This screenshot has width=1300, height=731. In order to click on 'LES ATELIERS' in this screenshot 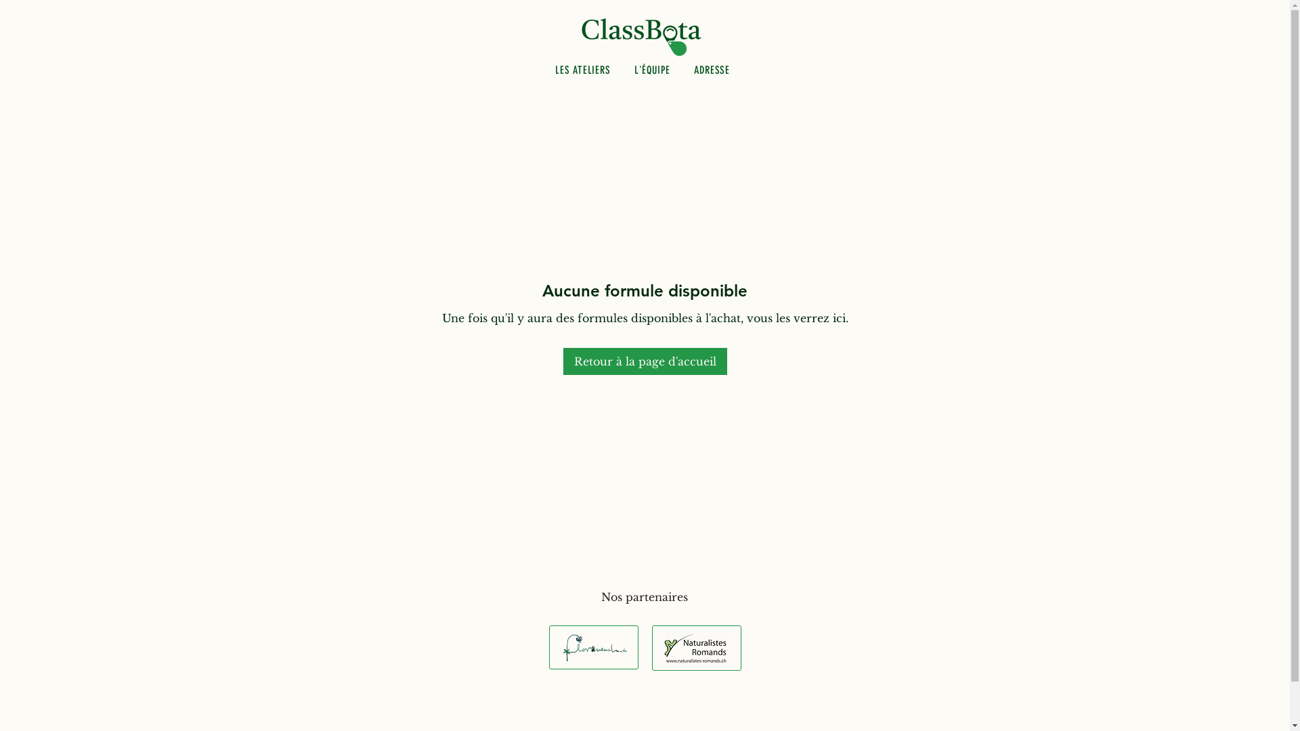, I will do `click(582, 70)`.